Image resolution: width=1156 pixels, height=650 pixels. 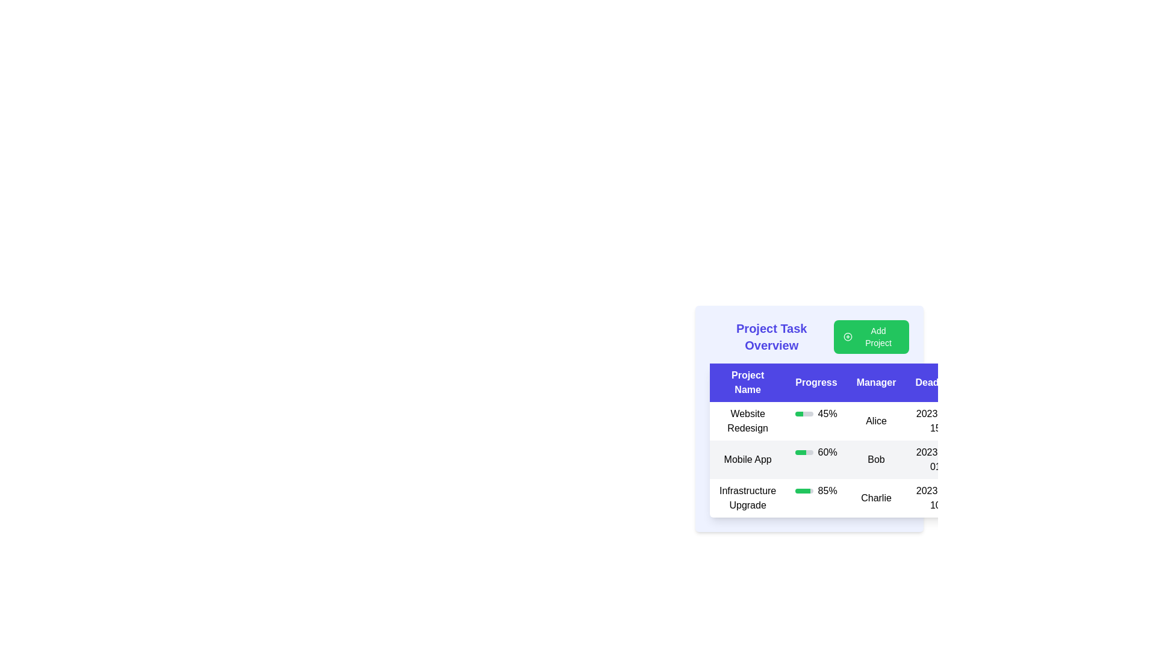 I want to click on text '85%' from the Text Label element in the 'Progress' column of the third row within the 'Project Task Overview' table to understand the progress percentage, so click(x=827, y=491).